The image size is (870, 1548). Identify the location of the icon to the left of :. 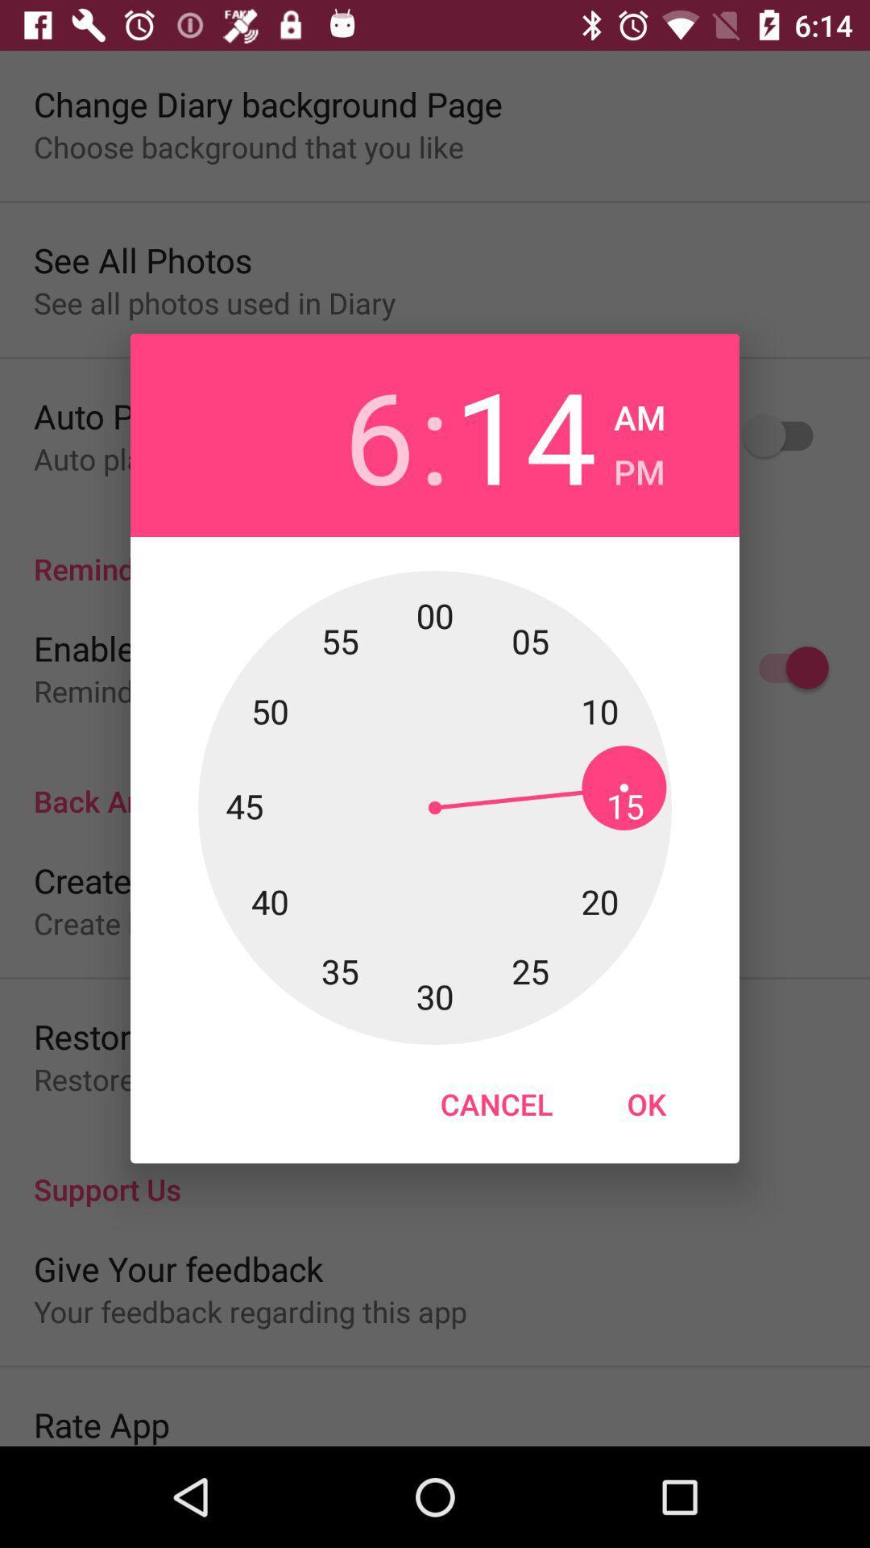
(342, 435).